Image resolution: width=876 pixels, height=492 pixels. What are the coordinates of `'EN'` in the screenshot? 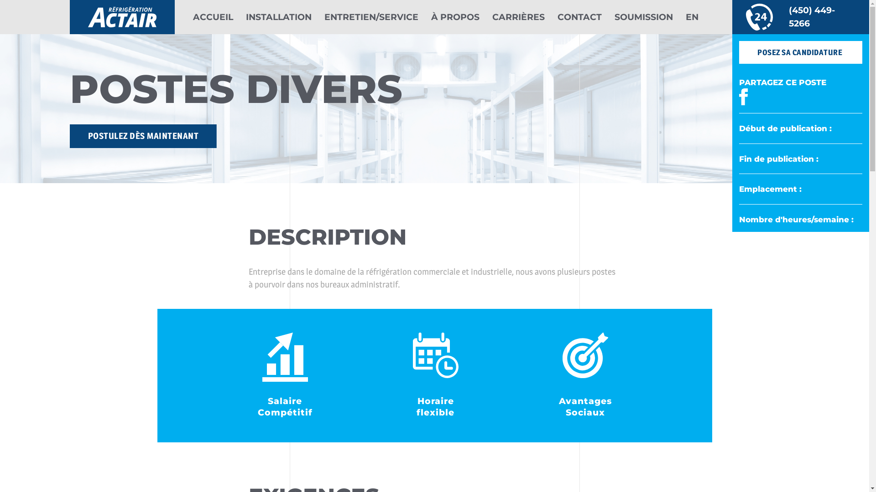 It's located at (692, 17).